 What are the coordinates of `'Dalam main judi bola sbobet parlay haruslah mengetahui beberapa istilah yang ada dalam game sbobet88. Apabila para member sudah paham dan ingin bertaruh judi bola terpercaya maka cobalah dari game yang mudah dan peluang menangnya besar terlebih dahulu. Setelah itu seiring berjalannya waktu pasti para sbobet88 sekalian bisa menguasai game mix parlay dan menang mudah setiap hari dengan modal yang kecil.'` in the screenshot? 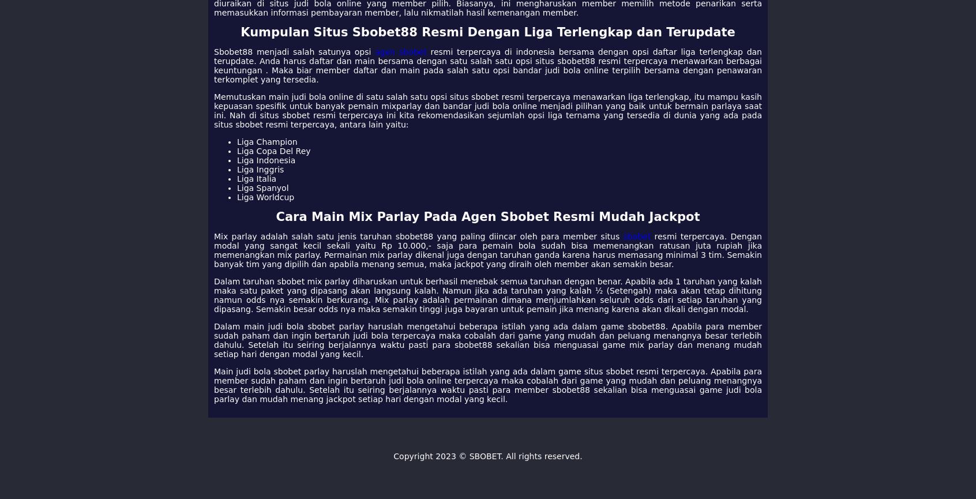 It's located at (488, 340).